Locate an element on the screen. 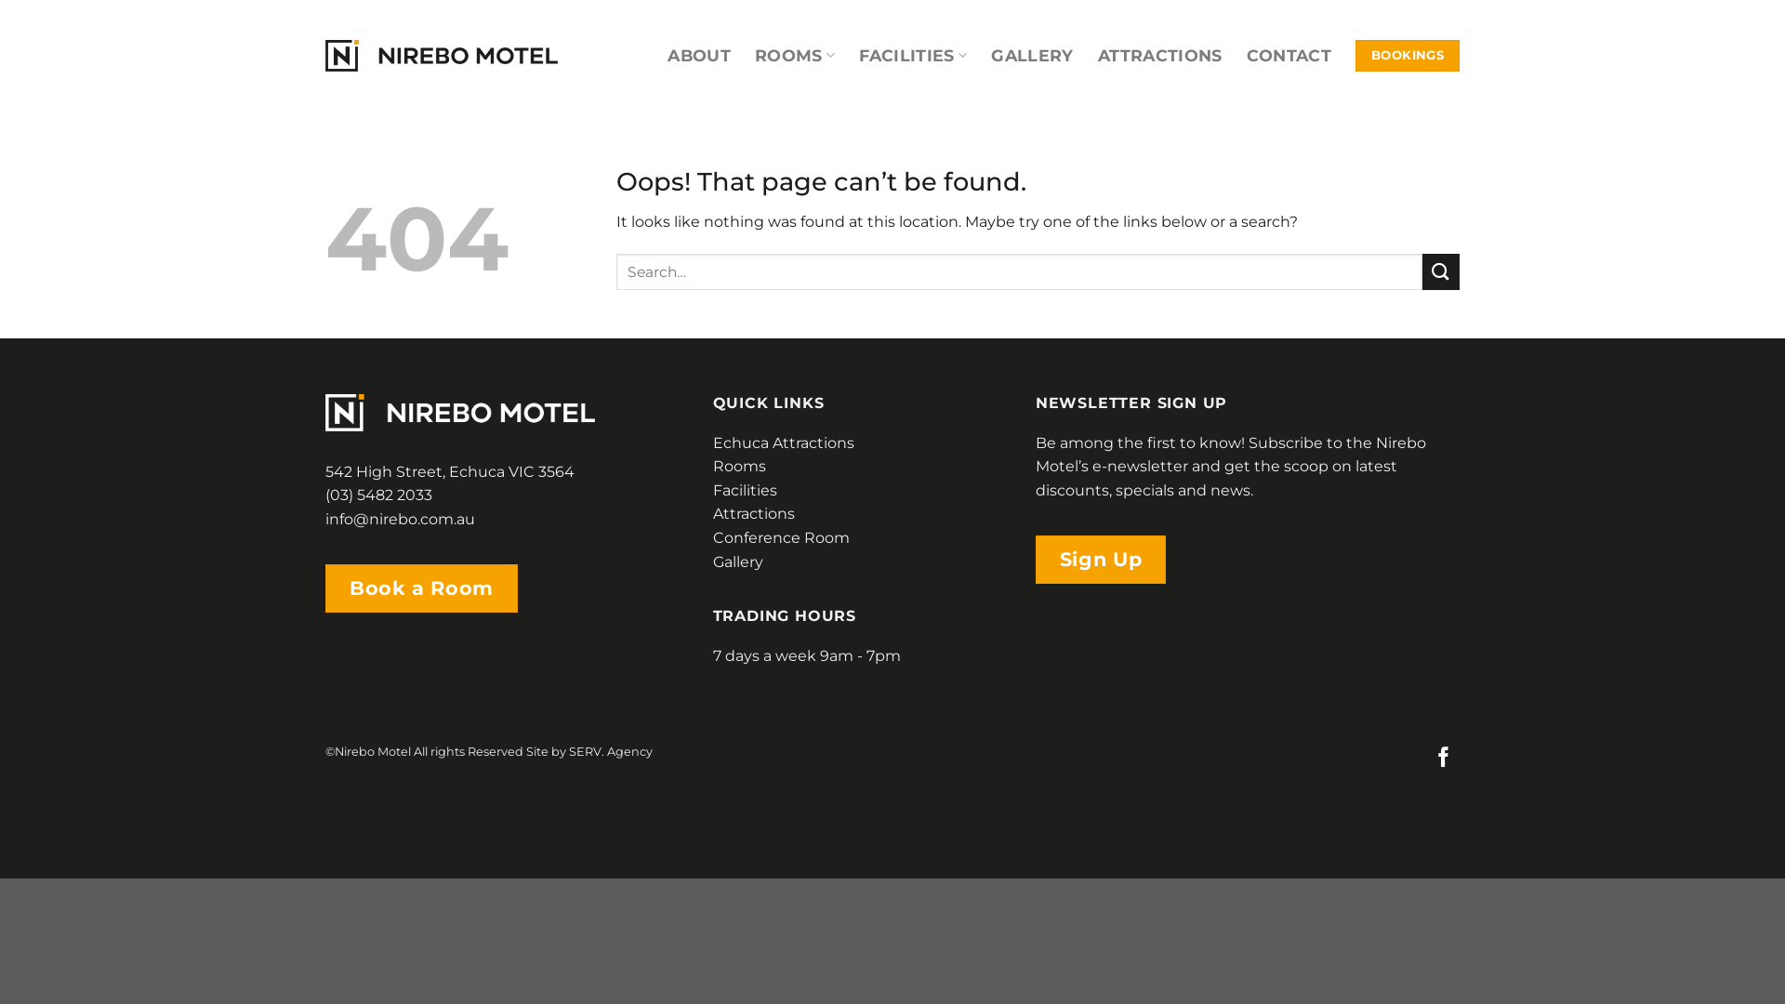  'Attractions' is located at coordinates (754, 513).